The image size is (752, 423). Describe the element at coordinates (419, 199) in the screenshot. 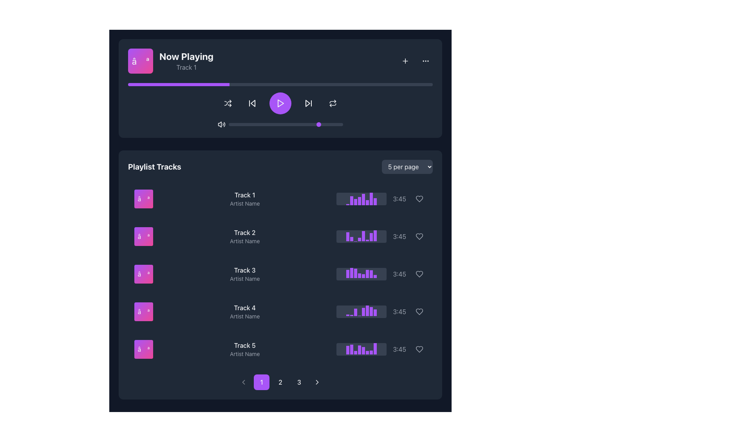

I see `the heart icon styled as an outlined vector graphic located in the fifth column of the playlist table for 'Track 1', next to the duration text '3:45'` at that location.